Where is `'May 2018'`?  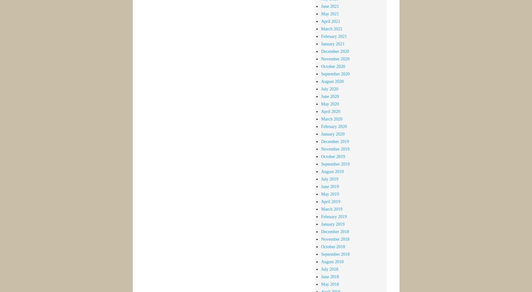
'May 2018' is located at coordinates (330, 284).